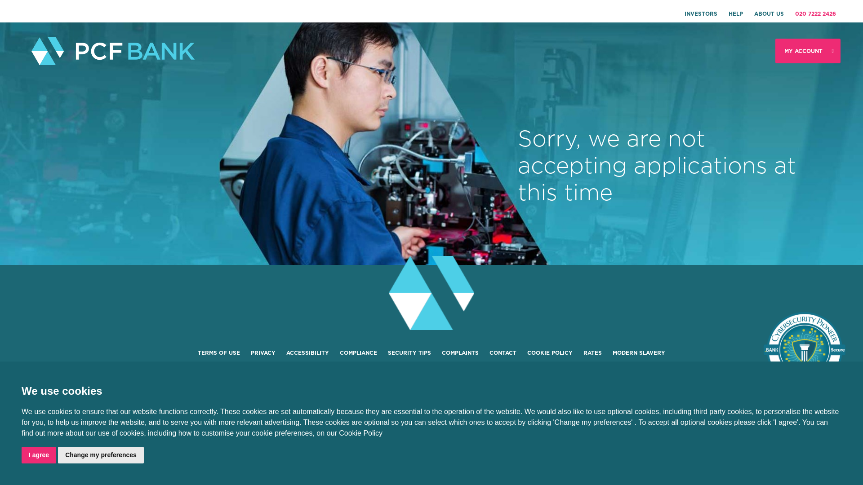 This screenshot has width=863, height=485. Describe the element at coordinates (338, 433) in the screenshot. I see `'Cookie Policy'` at that location.